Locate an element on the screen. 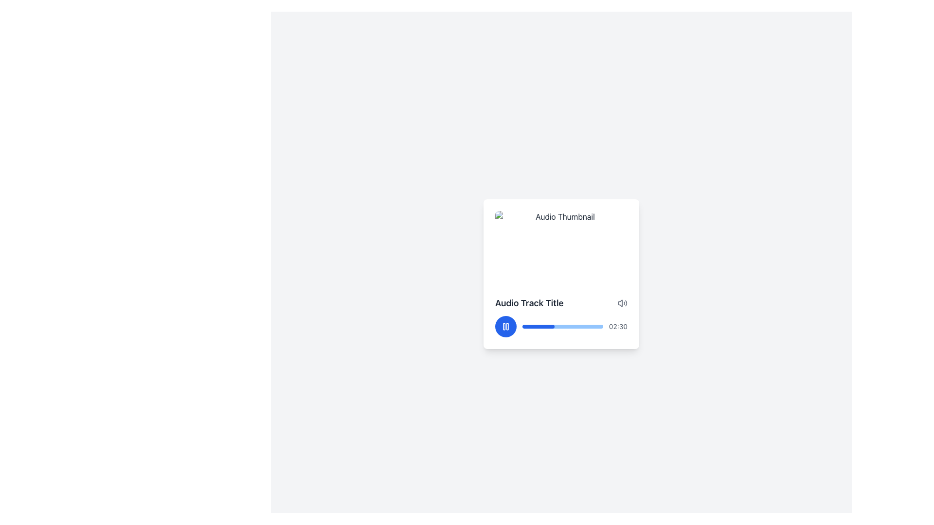 This screenshot has width=934, height=525. audio track progress is located at coordinates (540, 326).